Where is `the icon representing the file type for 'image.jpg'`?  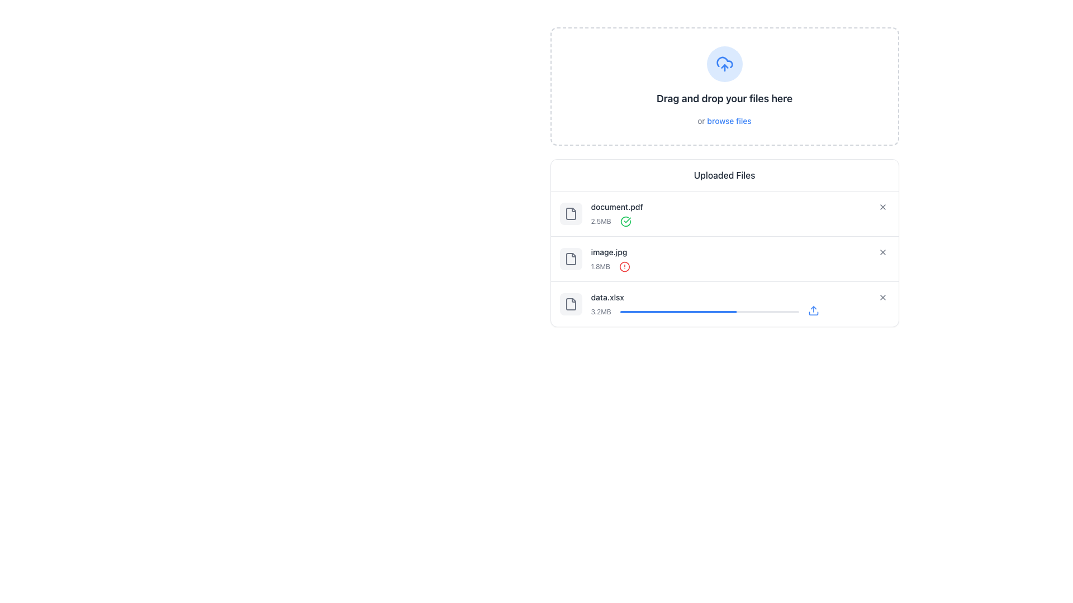
the icon representing the file type for 'image.jpg' is located at coordinates (571, 259).